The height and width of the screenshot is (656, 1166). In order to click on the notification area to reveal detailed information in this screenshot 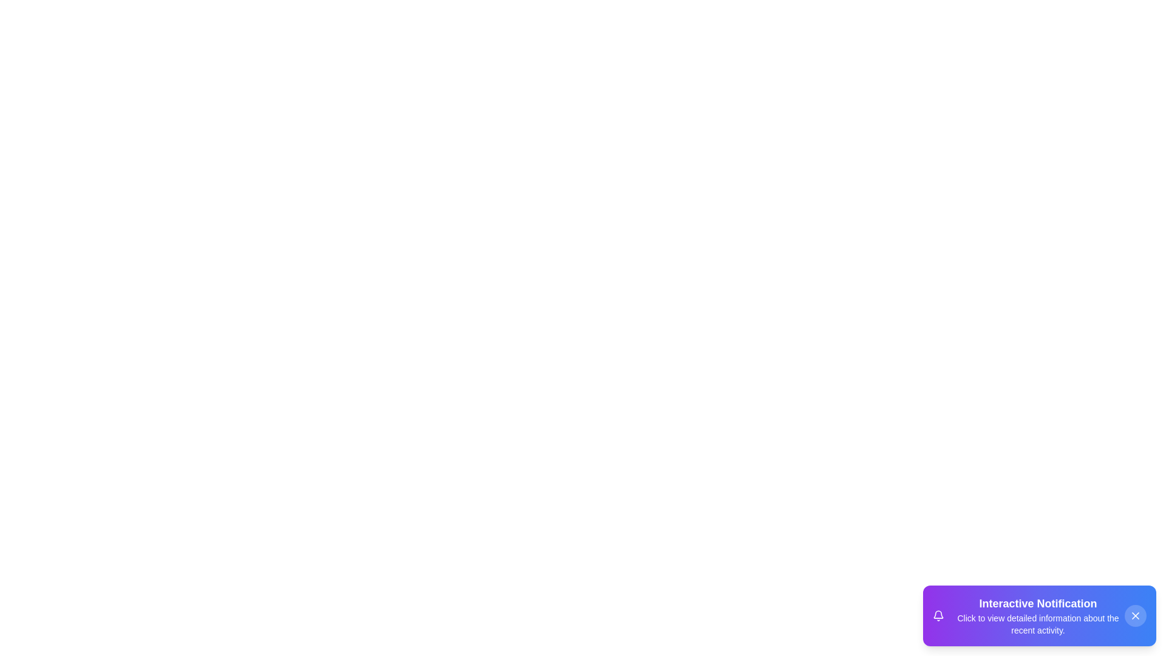, I will do `click(1039, 616)`.